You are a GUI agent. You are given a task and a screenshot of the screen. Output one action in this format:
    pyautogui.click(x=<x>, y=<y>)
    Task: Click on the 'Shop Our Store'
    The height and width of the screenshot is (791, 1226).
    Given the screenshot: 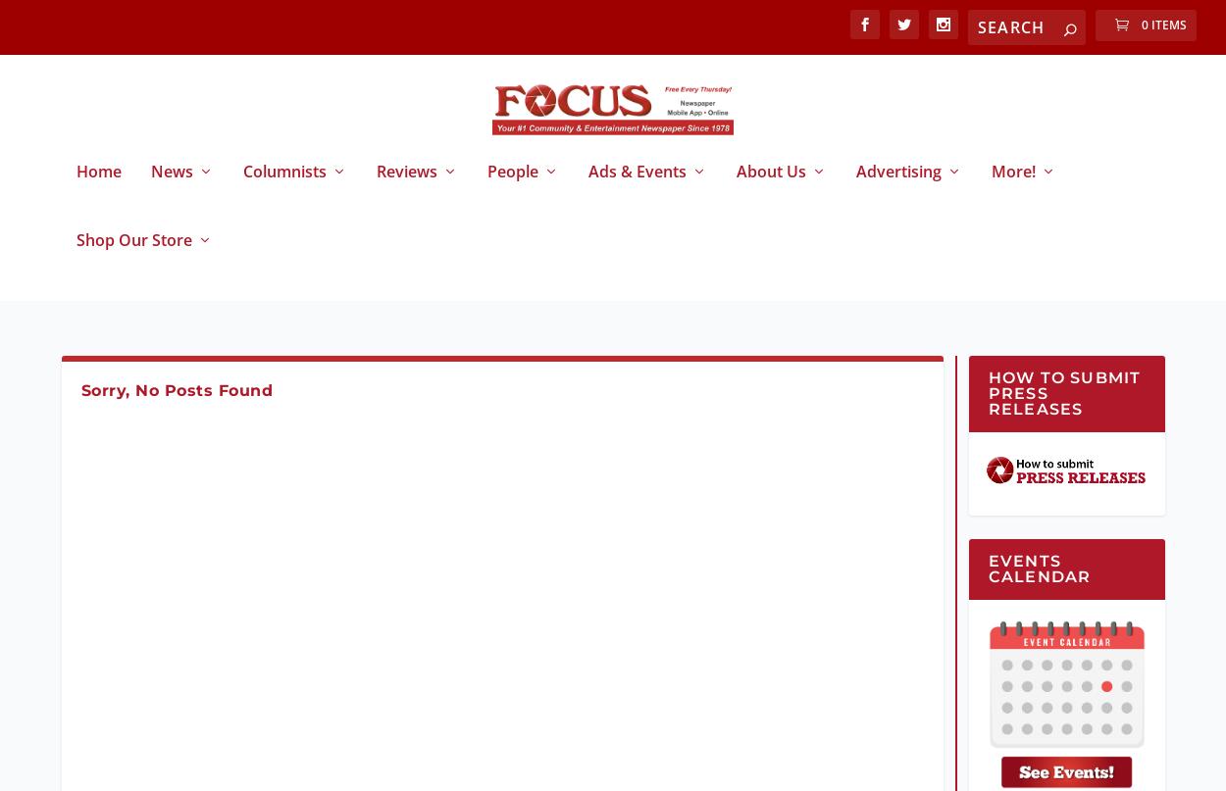 What is the action you would take?
    pyautogui.click(x=133, y=254)
    